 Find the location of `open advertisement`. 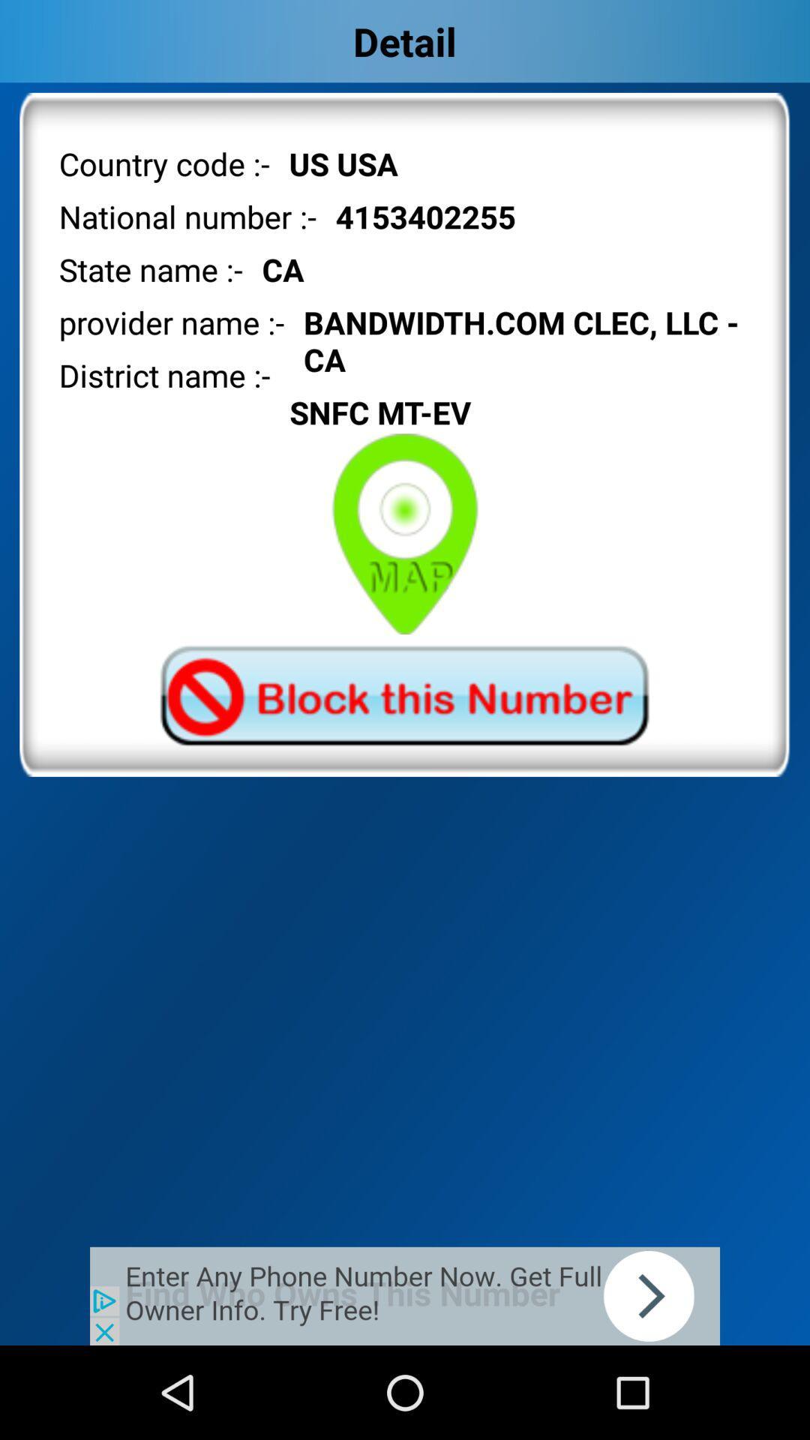

open advertisement is located at coordinates (405, 1295).